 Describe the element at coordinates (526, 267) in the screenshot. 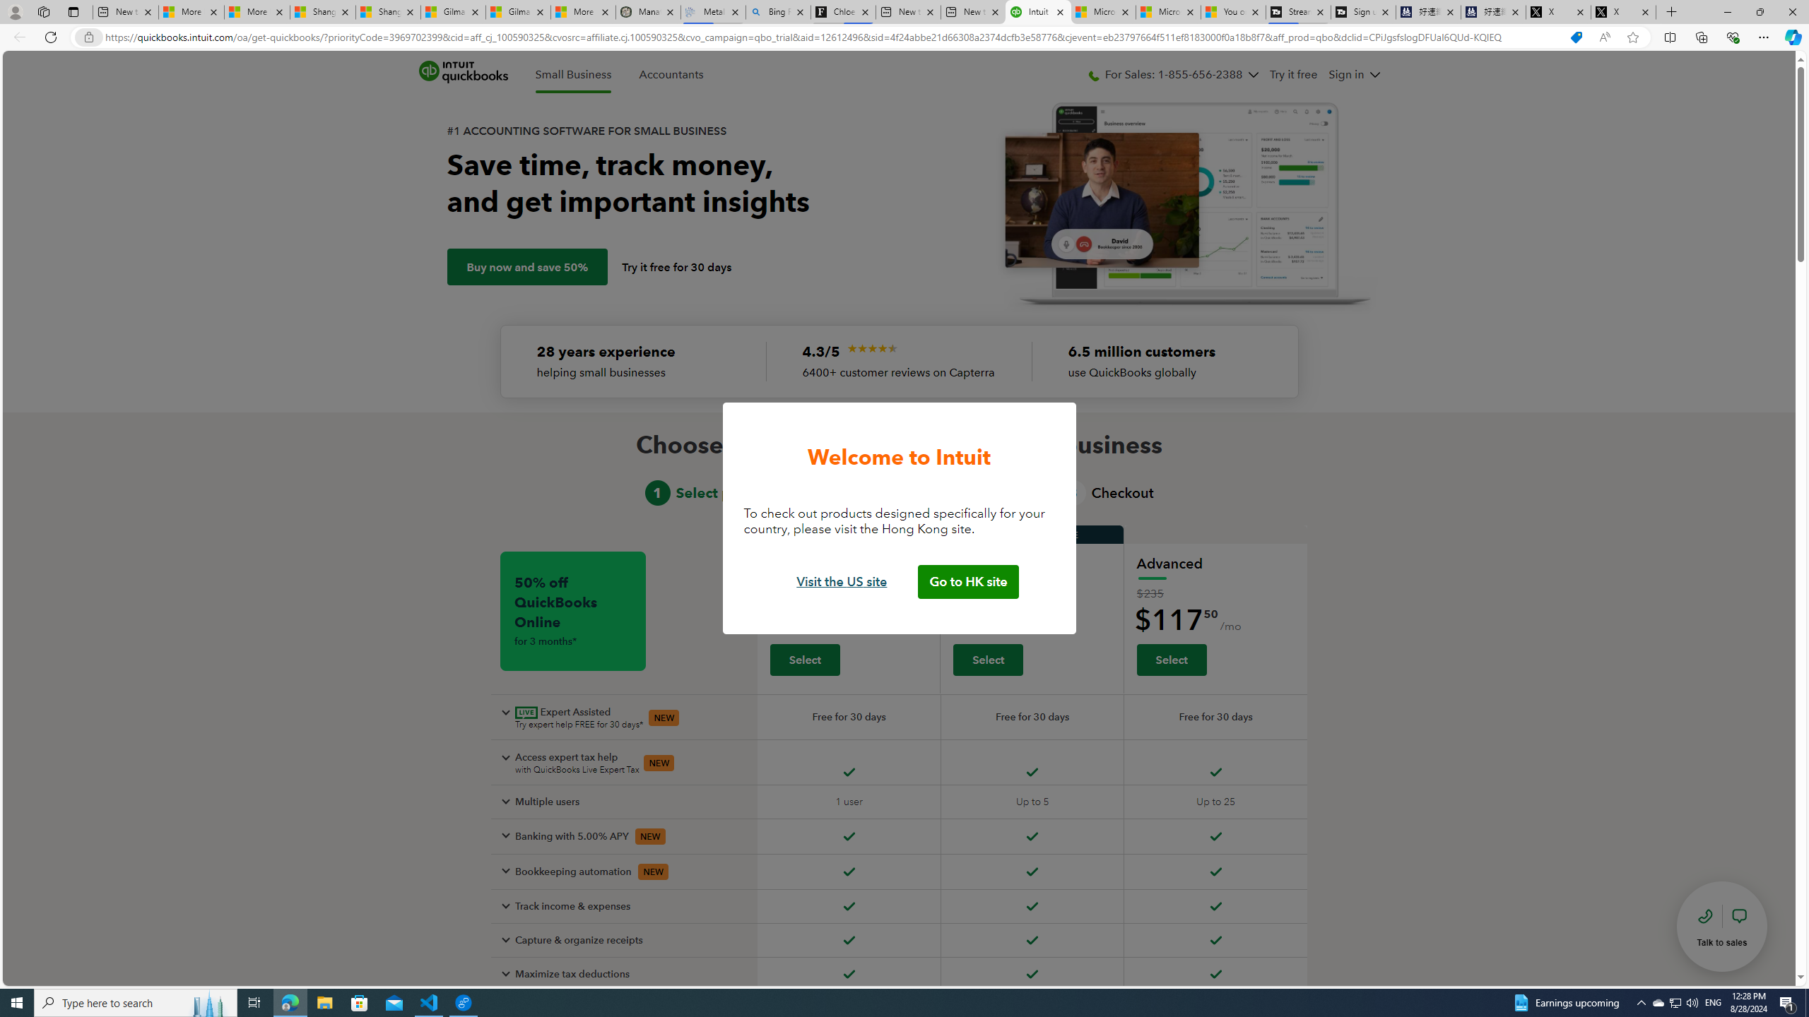

I see `'Buy now and save 50%'` at that location.